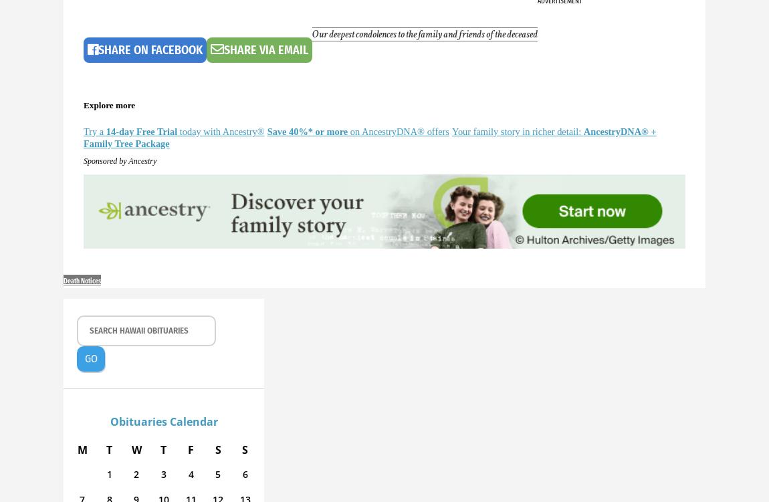  What do you see at coordinates (119, 160) in the screenshot?
I see `'Sponsored by Ancestry'` at bounding box center [119, 160].